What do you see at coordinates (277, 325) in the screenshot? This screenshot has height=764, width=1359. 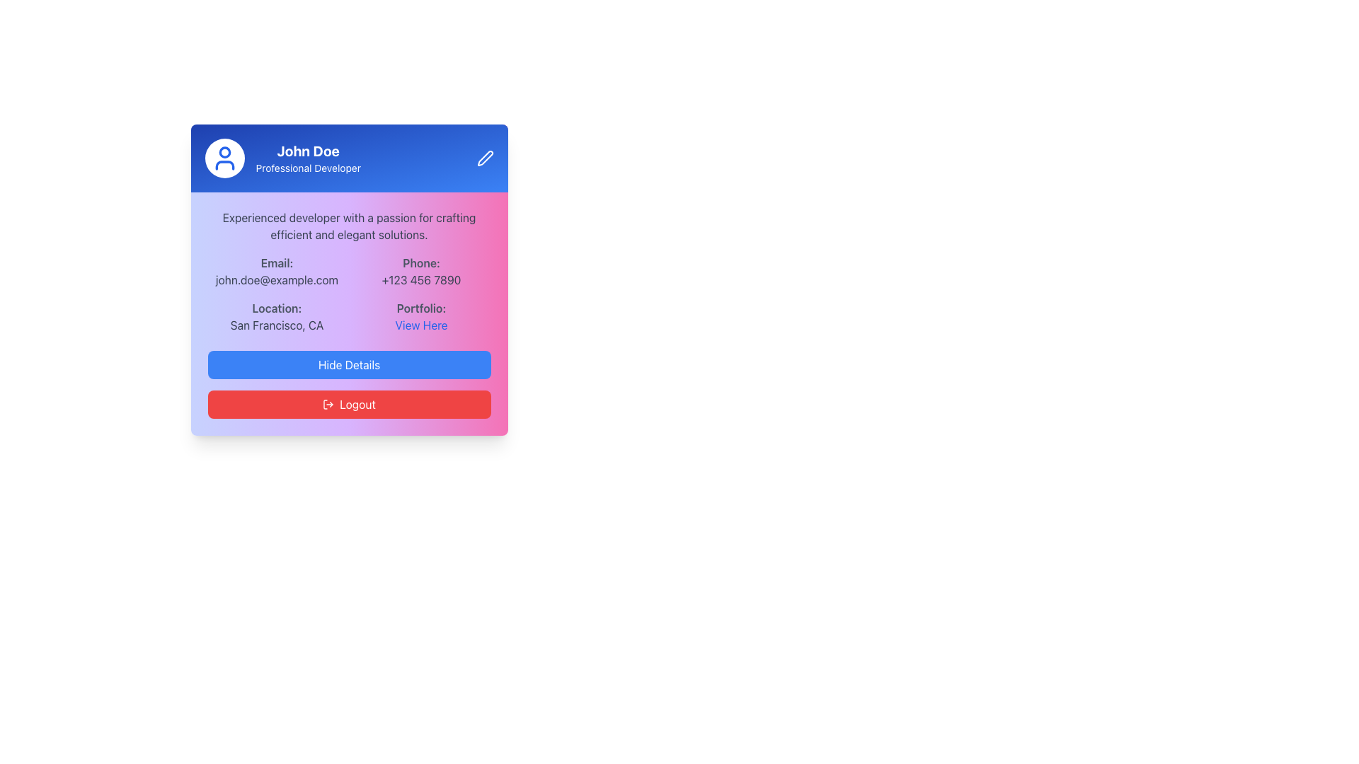 I see `the Text Display element that shows the location information, which is positioned below the 'Location:' label in the user information card layout` at bounding box center [277, 325].